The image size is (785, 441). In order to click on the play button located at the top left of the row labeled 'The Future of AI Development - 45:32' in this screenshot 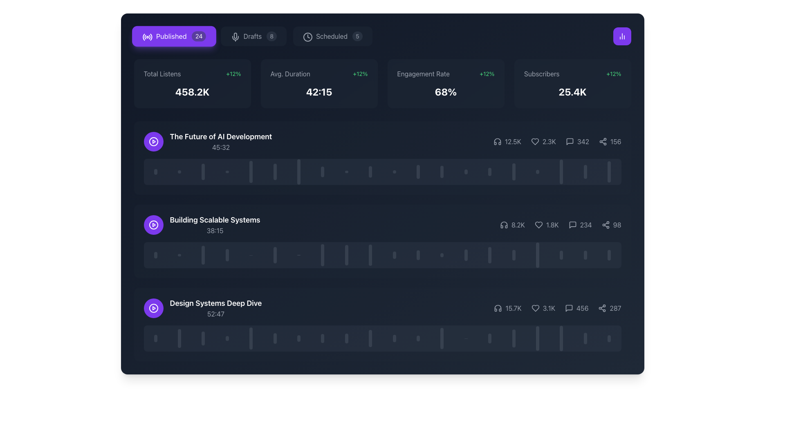, I will do `click(153, 141)`.